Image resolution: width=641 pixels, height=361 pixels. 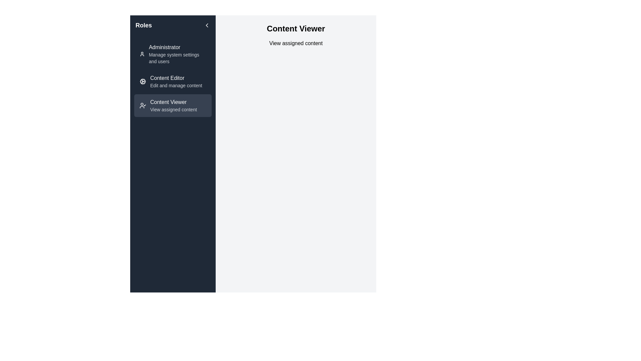 What do you see at coordinates (173, 105) in the screenshot?
I see `the 'Content Viewer' navigation menu item located in the dark left sidebar under the 'Content Editor' section` at bounding box center [173, 105].